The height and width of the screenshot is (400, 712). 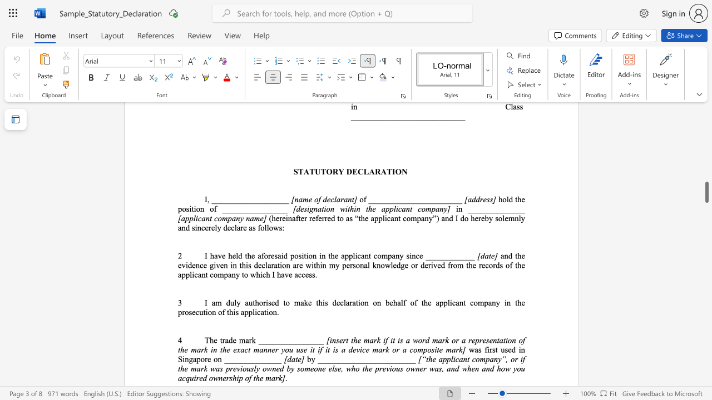 I want to click on the scrollbar on the side, so click(x=706, y=122).